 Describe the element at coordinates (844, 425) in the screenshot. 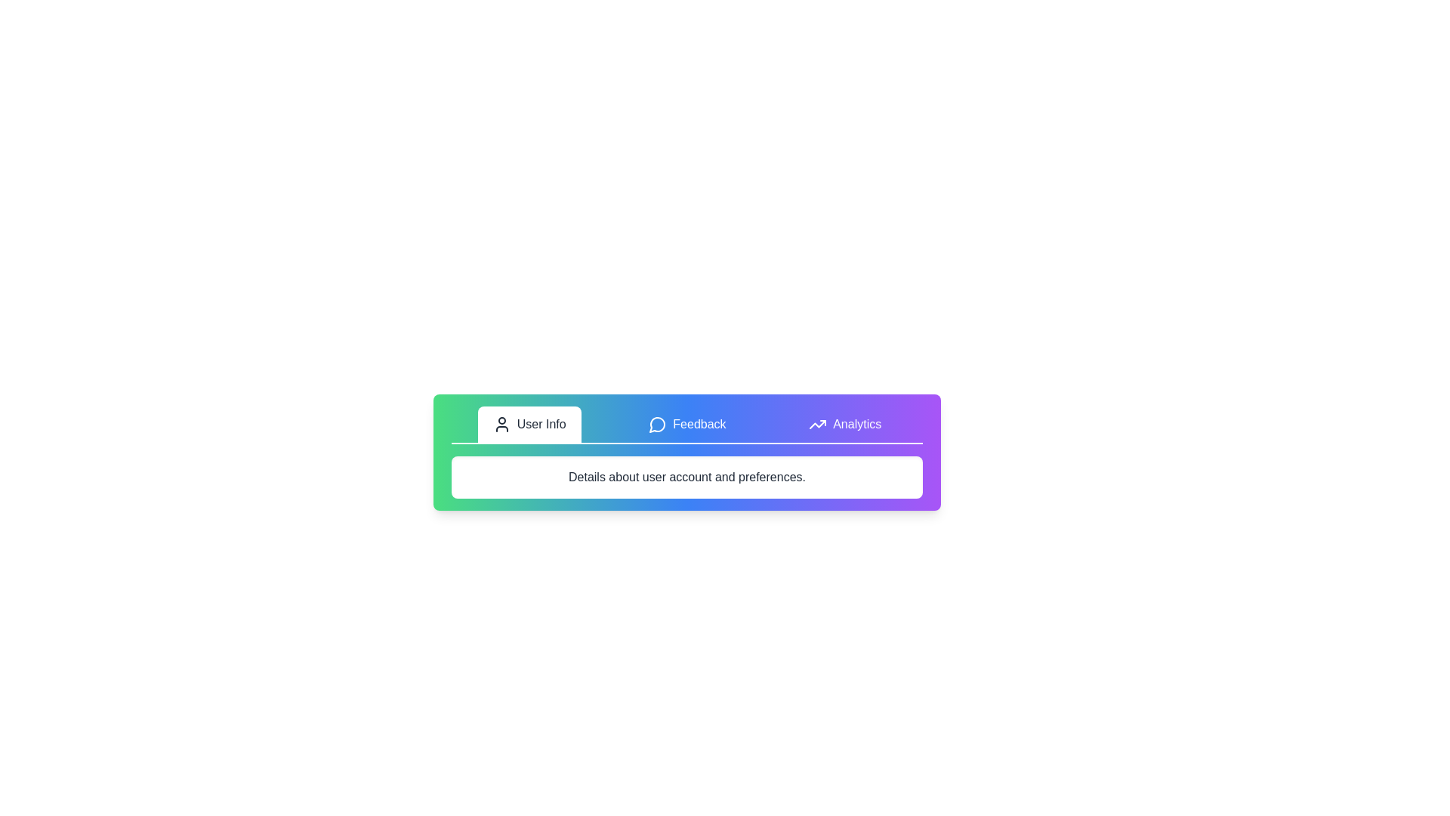

I see `the Analytics tab by clicking its navigation button` at that location.